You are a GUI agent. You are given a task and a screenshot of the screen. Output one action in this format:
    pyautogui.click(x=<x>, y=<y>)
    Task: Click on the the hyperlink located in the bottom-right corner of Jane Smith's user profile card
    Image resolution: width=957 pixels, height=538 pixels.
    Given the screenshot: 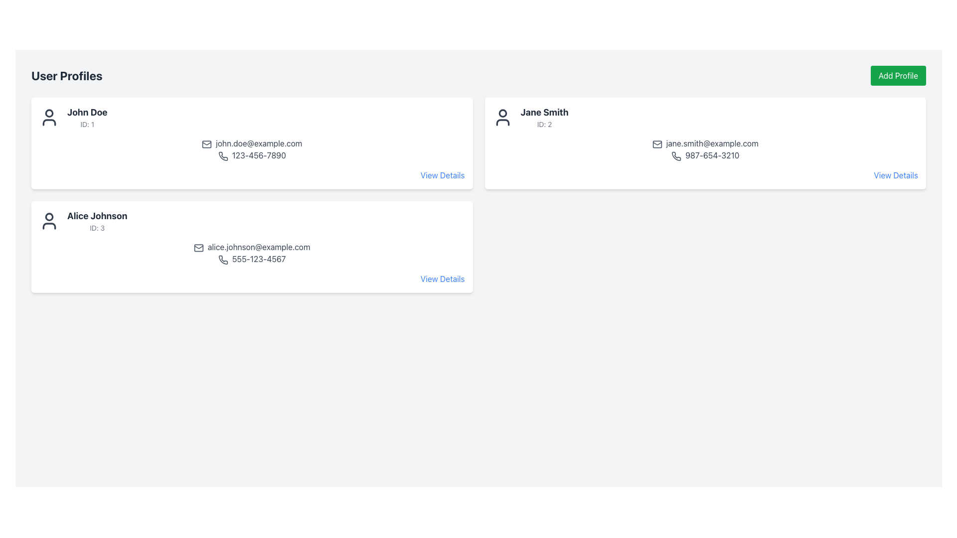 What is the action you would take?
    pyautogui.click(x=896, y=174)
    